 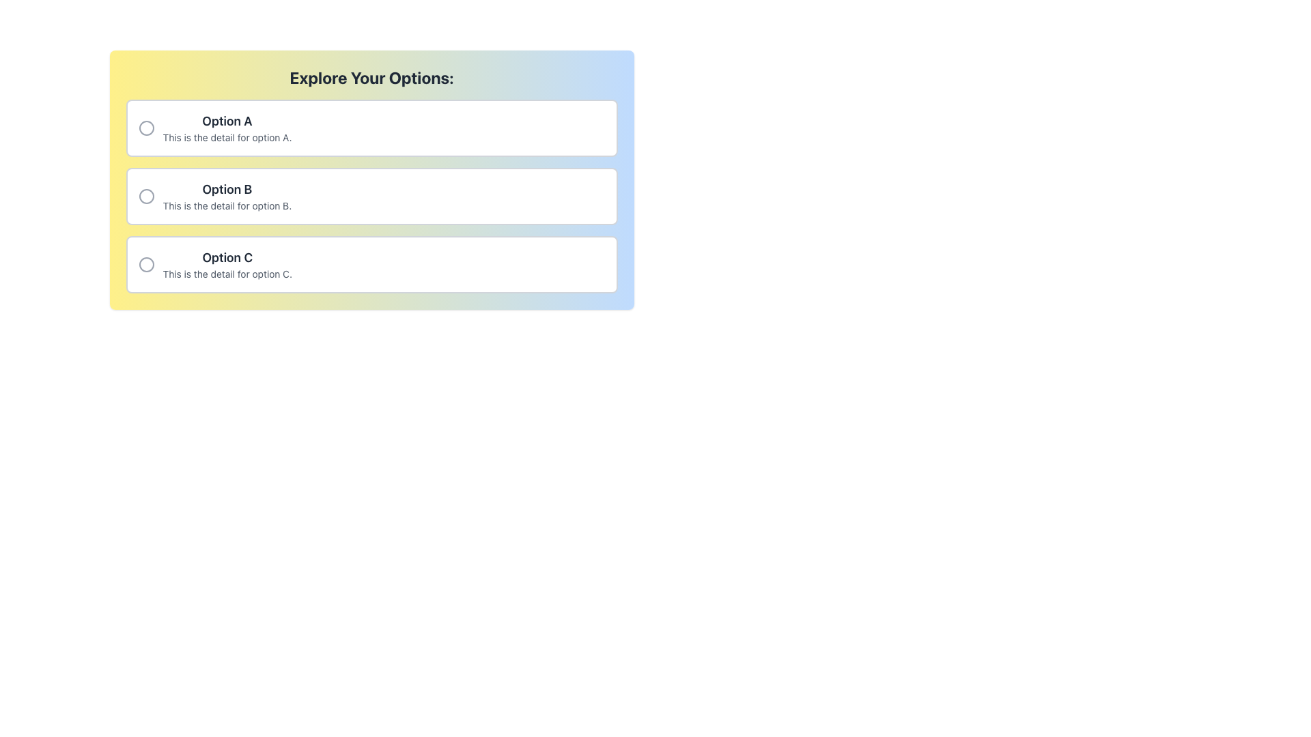 What do you see at coordinates (227, 274) in the screenshot?
I see `the text display that contains 'This is the detail for option C.' which is located below the header 'Option C'` at bounding box center [227, 274].